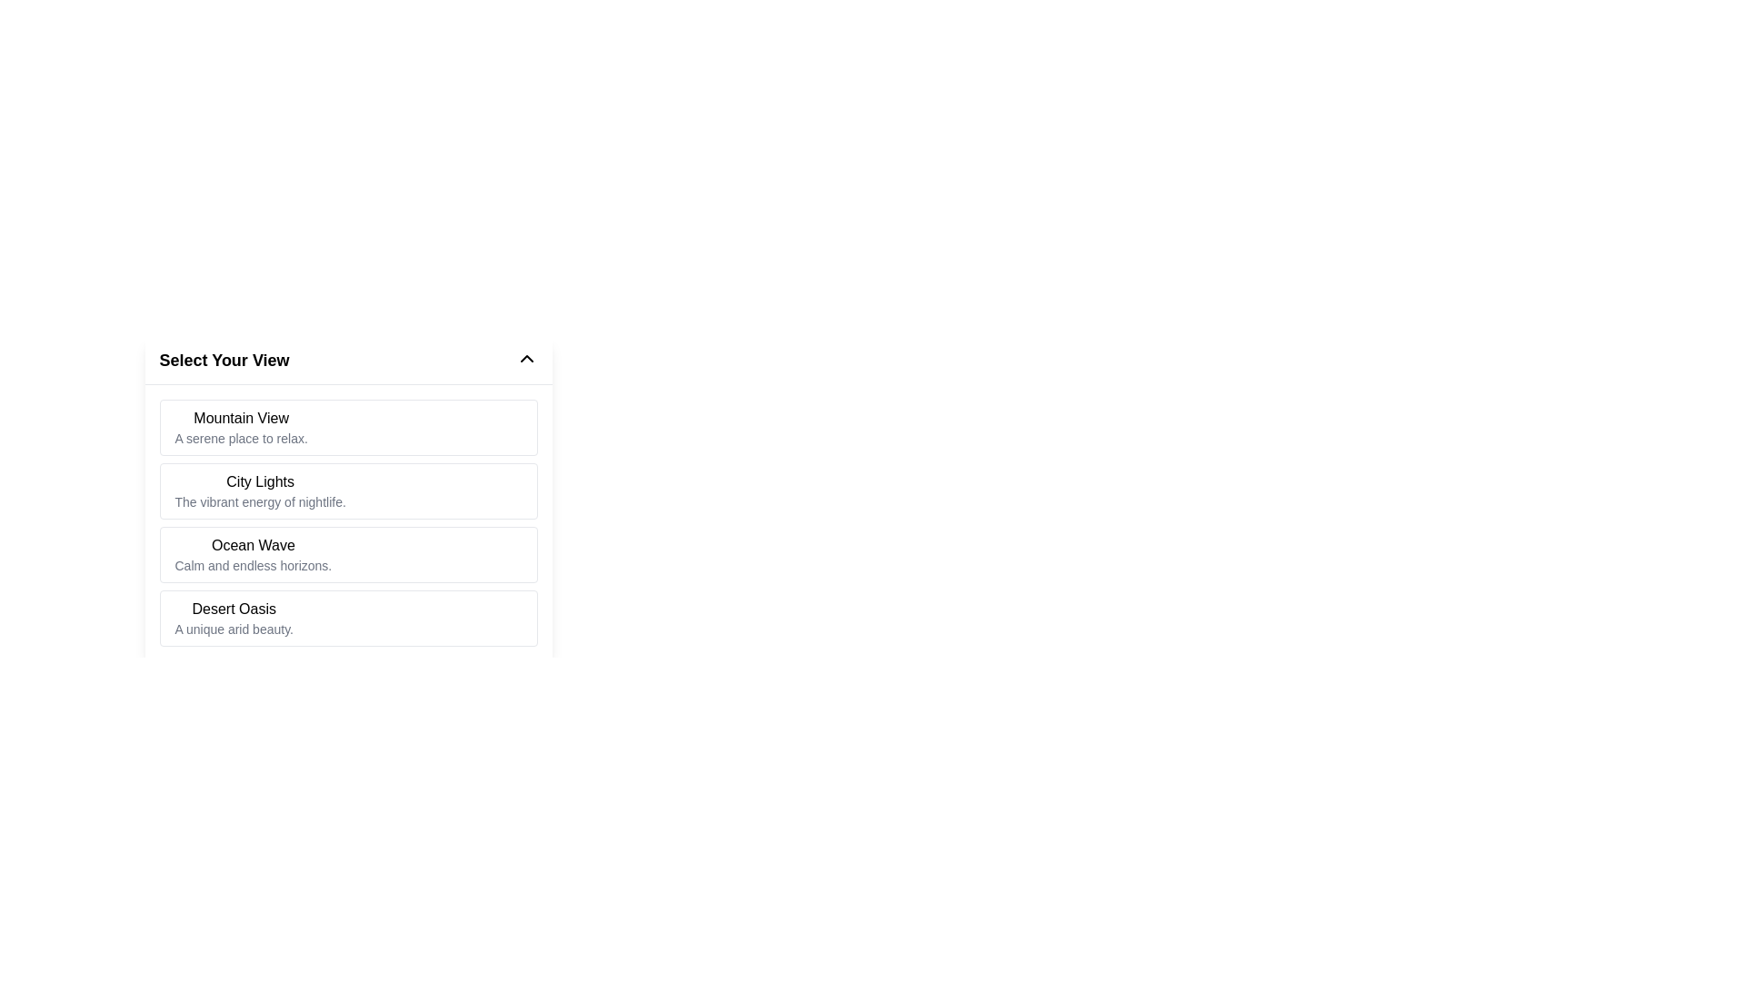 Image resolution: width=1745 pixels, height=981 pixels. Describe the element at coordinates (348, 499) in the screenshot. I see `the interactive selectable list containing themed views such as 'Mountain View', 'City Lights', 'Ocean Wave', and 'Desert Oasis'` at that location.